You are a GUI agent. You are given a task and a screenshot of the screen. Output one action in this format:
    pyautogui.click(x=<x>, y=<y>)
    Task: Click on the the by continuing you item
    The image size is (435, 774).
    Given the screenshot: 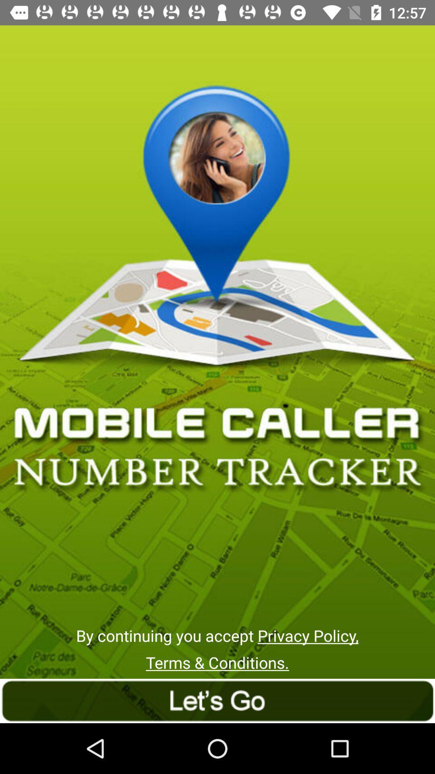 What is the action you would take?
    pyautogui.click(x=217, y=635)
    